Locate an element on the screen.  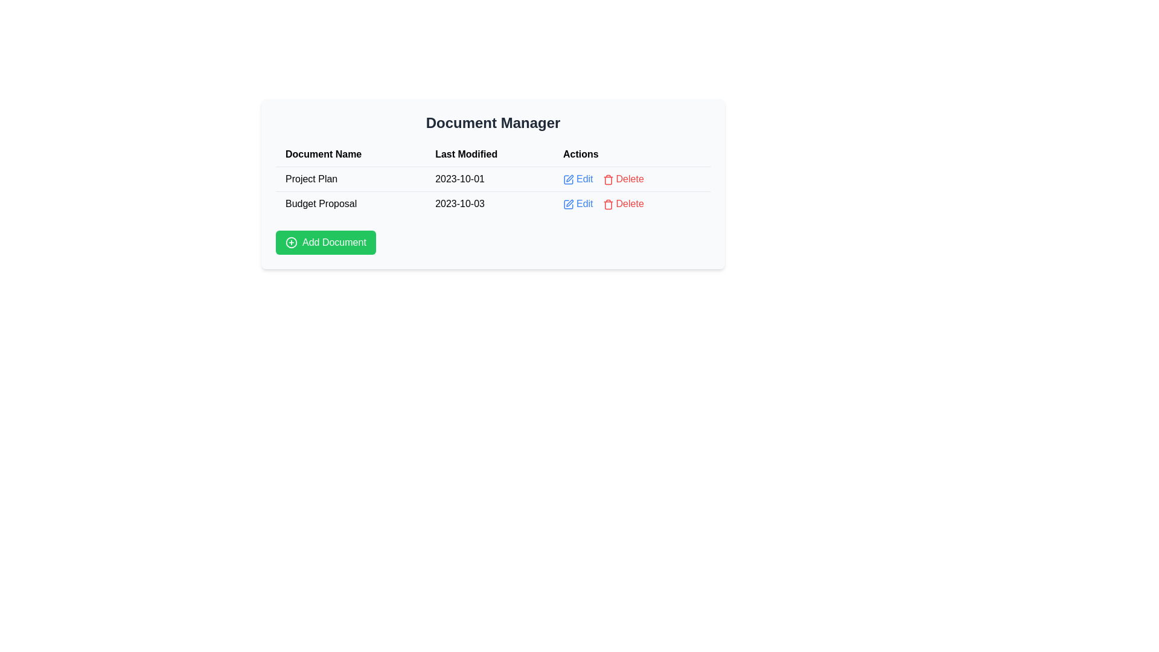
the small pencil icon in the 'Actions' column of the first row to initiate an edit action is located at coordinates (569, 178).